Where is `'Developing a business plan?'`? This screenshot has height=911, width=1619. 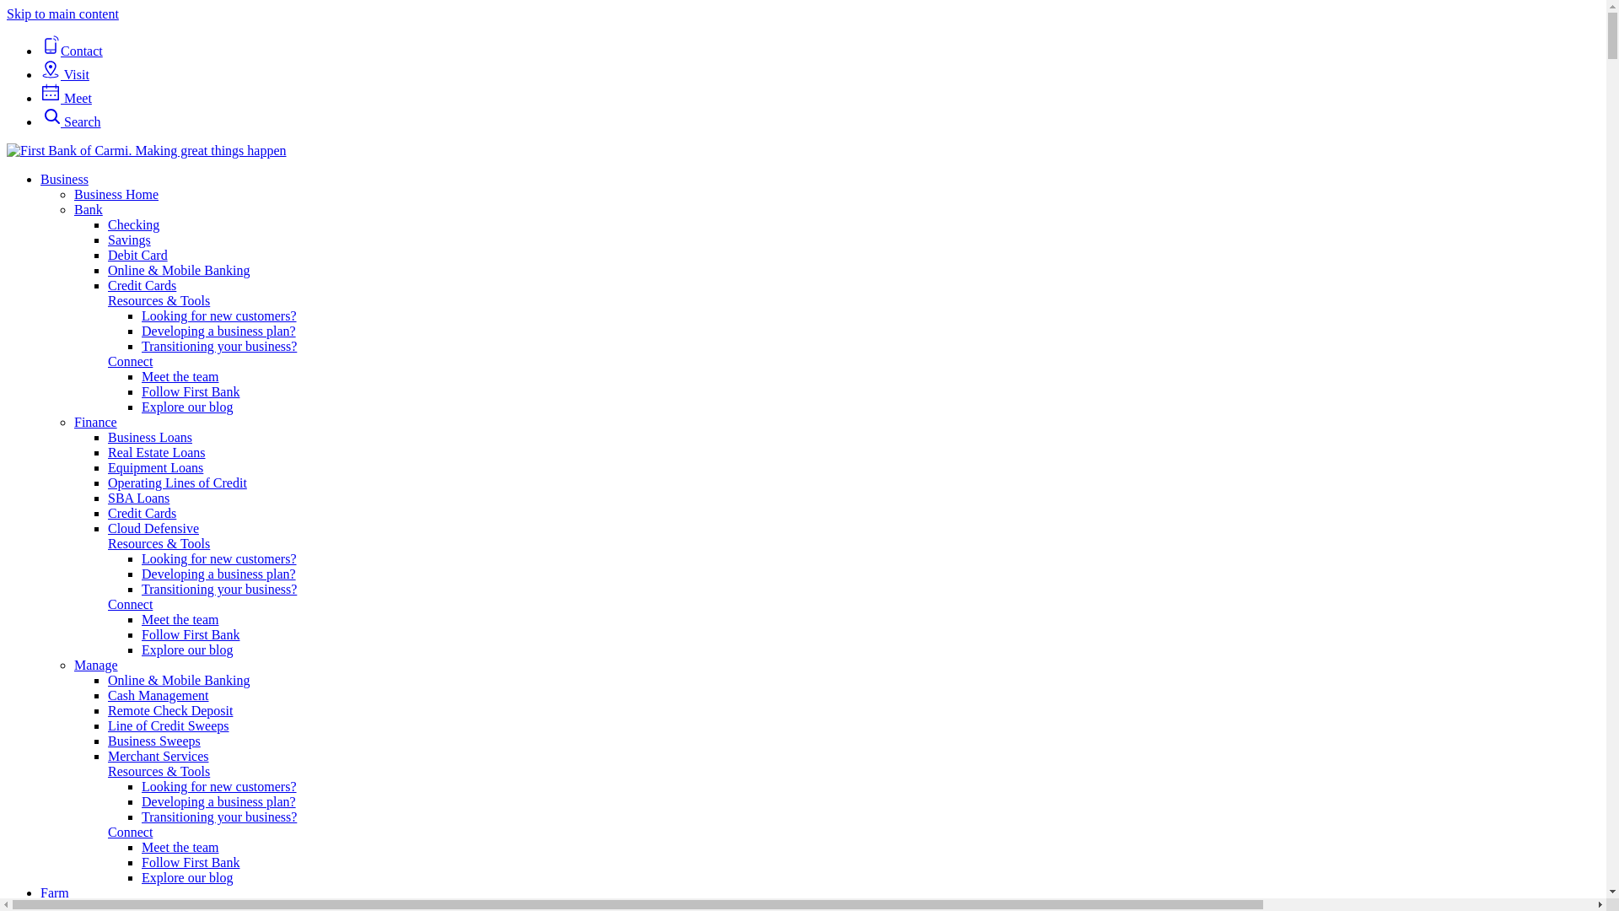
'Developing a business plan?' is located at coordinates (218, 573).